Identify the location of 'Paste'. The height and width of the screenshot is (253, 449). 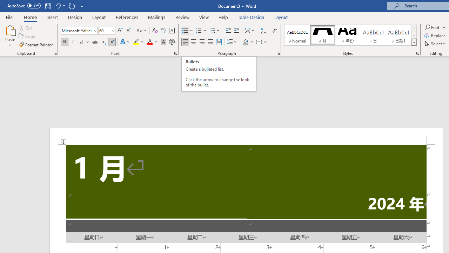
(10, 36).